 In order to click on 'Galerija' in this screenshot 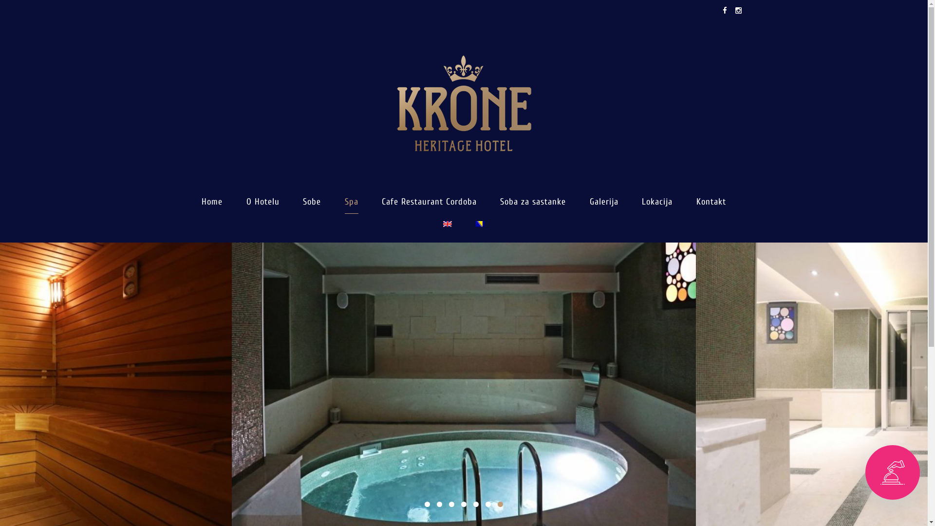, I will do `click(603, 202)`.